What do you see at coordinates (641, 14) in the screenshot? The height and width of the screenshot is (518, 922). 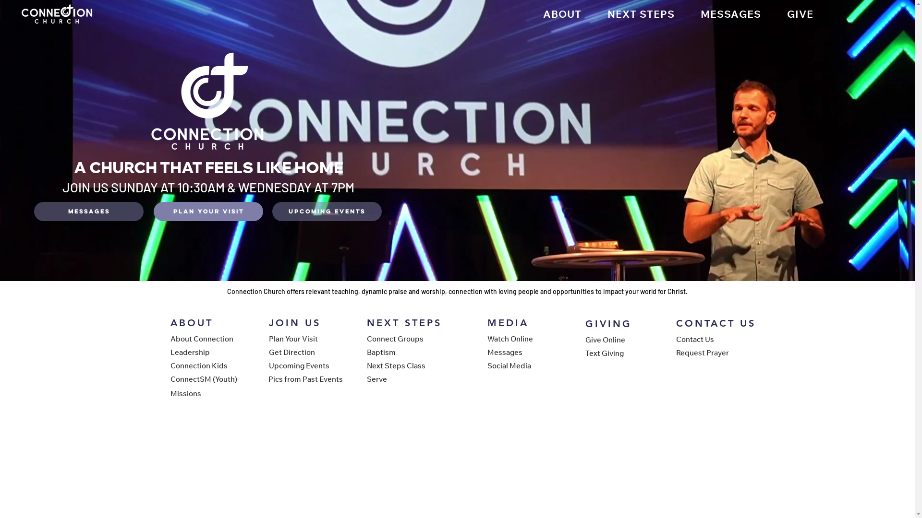 I see `'NEXT STEPS'` at bounding box center [641, 14].